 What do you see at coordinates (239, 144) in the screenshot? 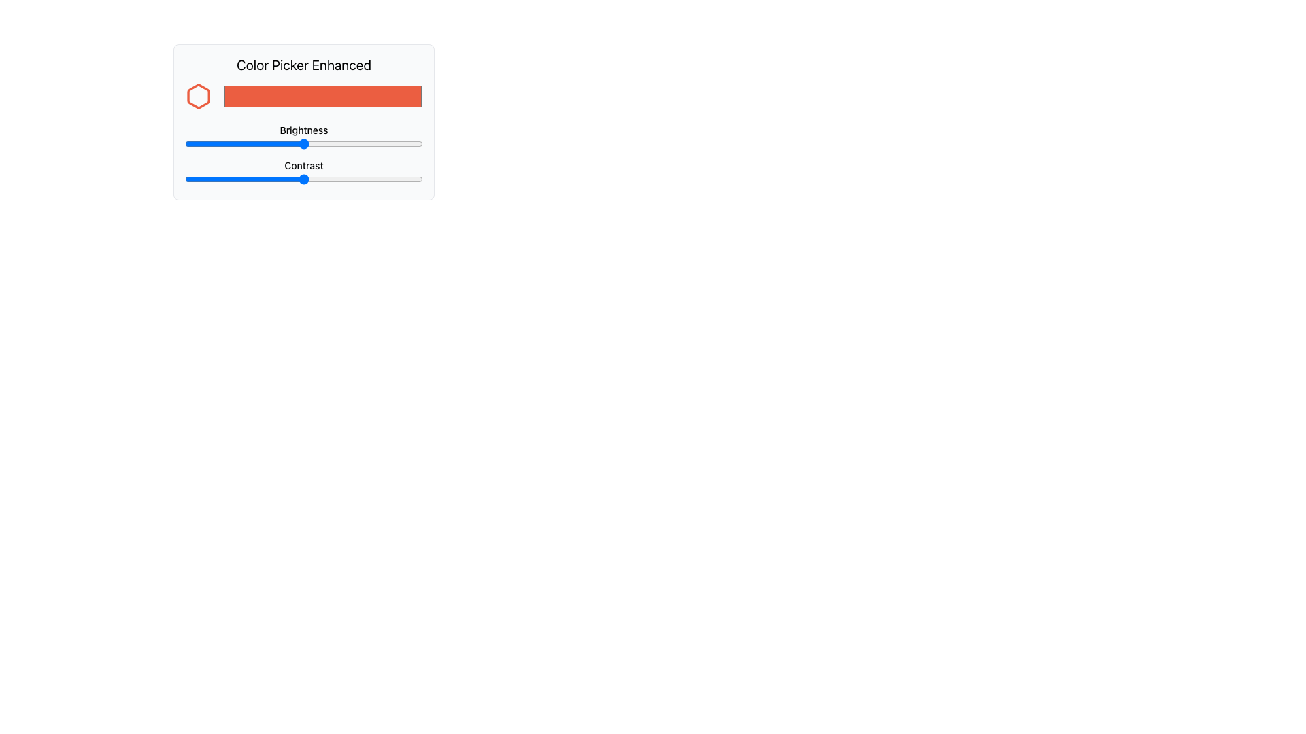
I see `brightness level` at bounding box center [239, 144].